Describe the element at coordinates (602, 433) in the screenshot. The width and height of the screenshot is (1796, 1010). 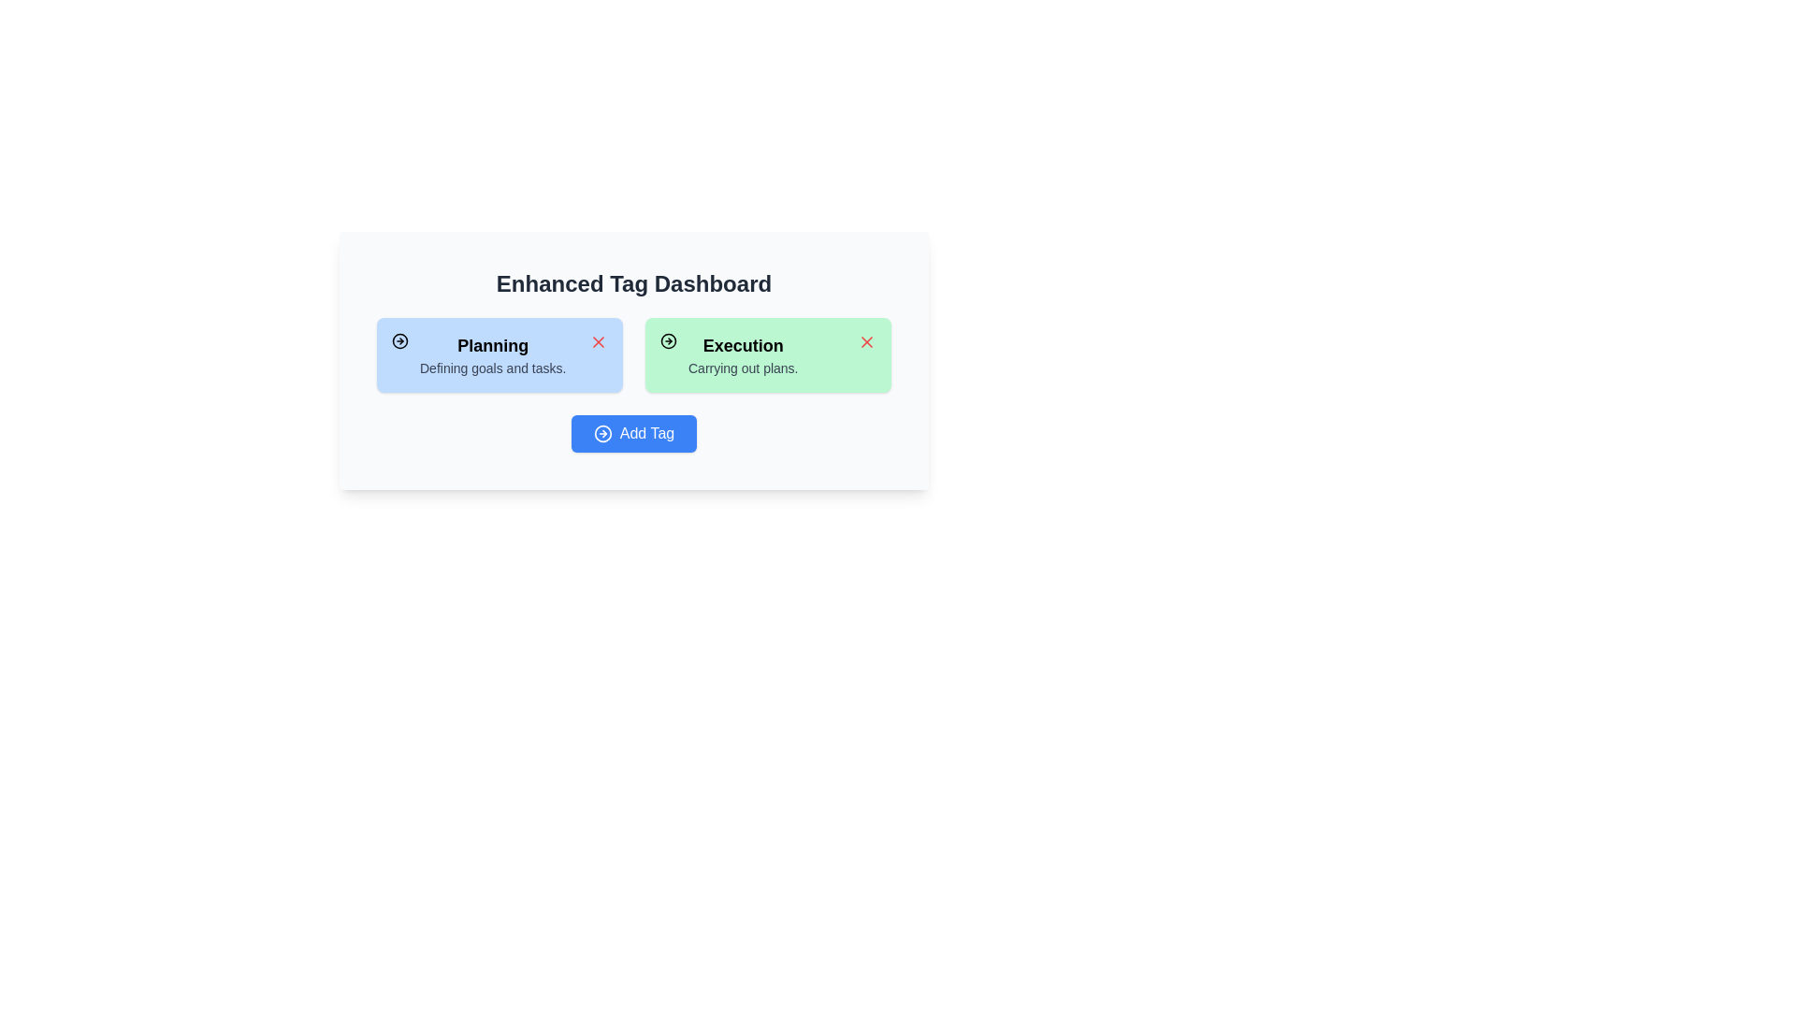
I see `the icon within the 'Add Tag' button, which is positioned slightly to the left of the button's text and part of the 'Enhanced Tag Dashboard'` at that location.